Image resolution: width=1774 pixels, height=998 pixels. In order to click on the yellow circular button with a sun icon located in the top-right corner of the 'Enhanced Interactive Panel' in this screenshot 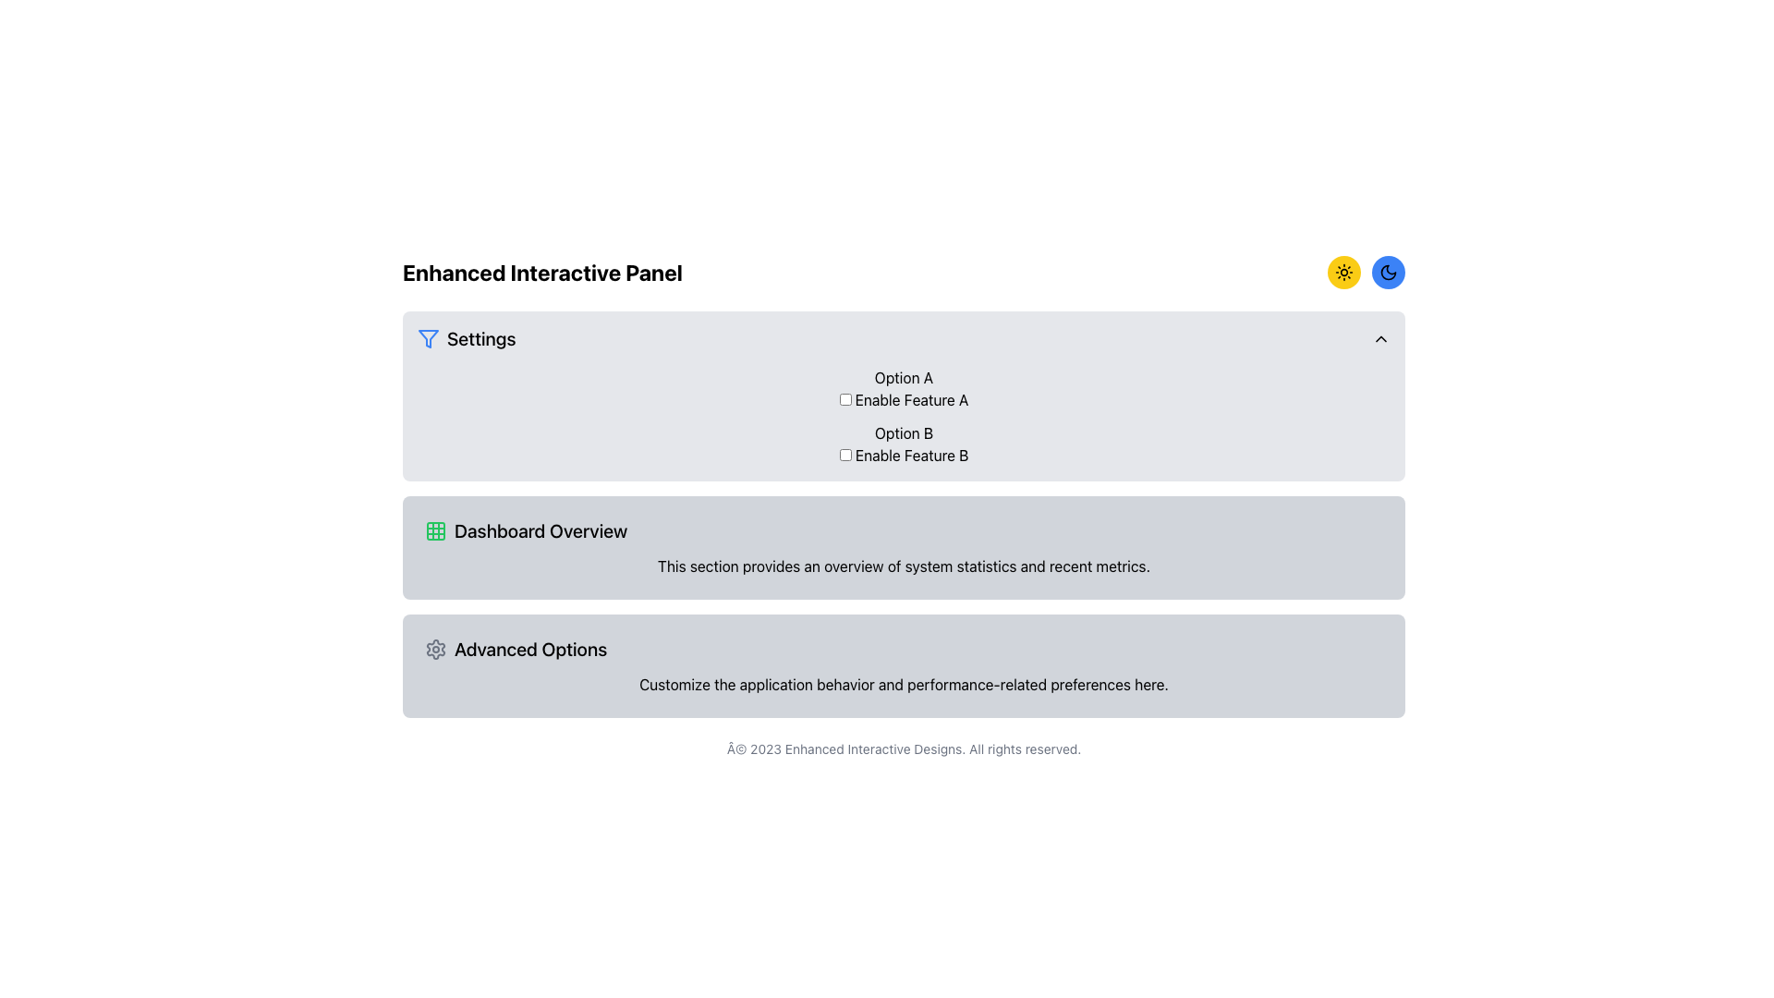, I will do `click(1366, 272)`.